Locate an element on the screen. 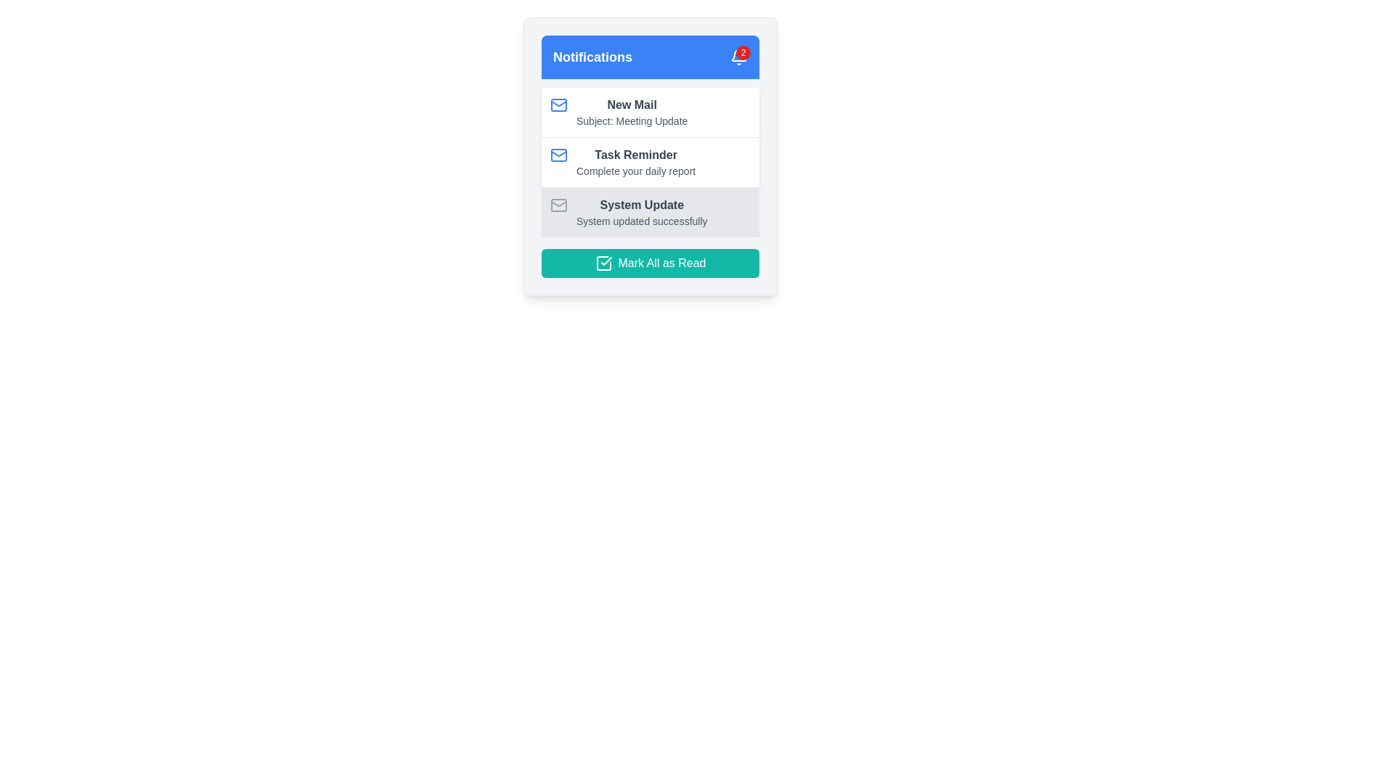  bell icon SVG graphic element, which serves as a notification indicator, in the browser's developer tools is located at coordinates (738, 54).